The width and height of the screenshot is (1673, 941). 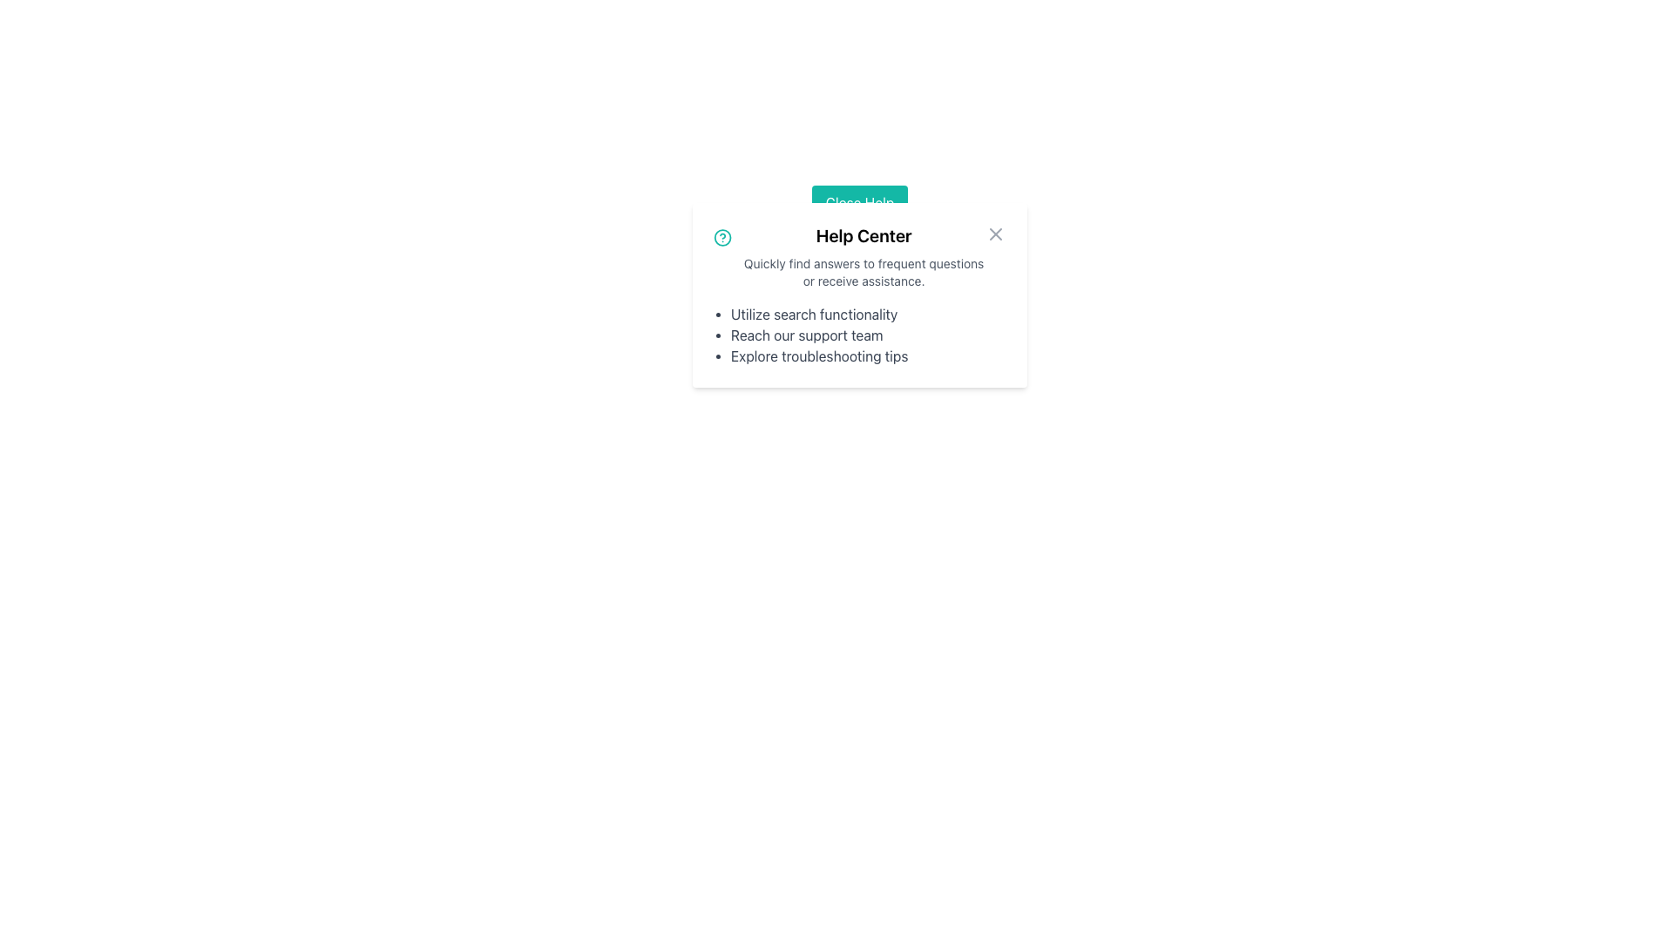 I want to click on the informational label at the top of the bulleted list in the Help Center interface, which guides users to utilize the search functionality, so click(x=869, y=315).